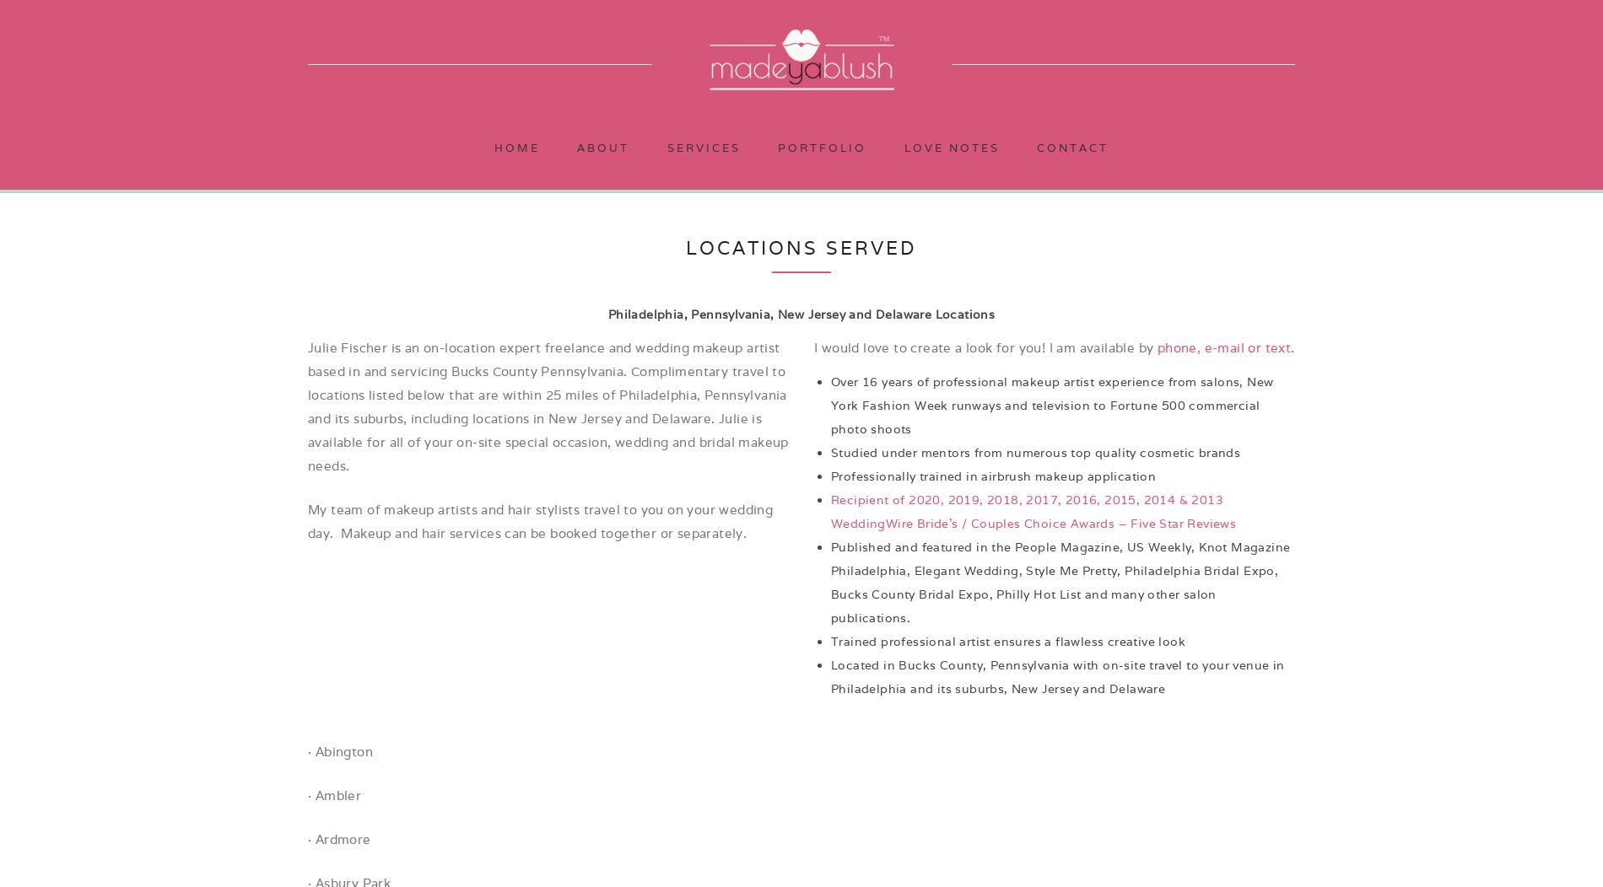 This screenshot has height=887, width=1603. I want to click on 'My team of makeup artists and hair stylists travel to you on your wedding day.  Makeup and hair services can be booked together or separately.', so click(306, 521).